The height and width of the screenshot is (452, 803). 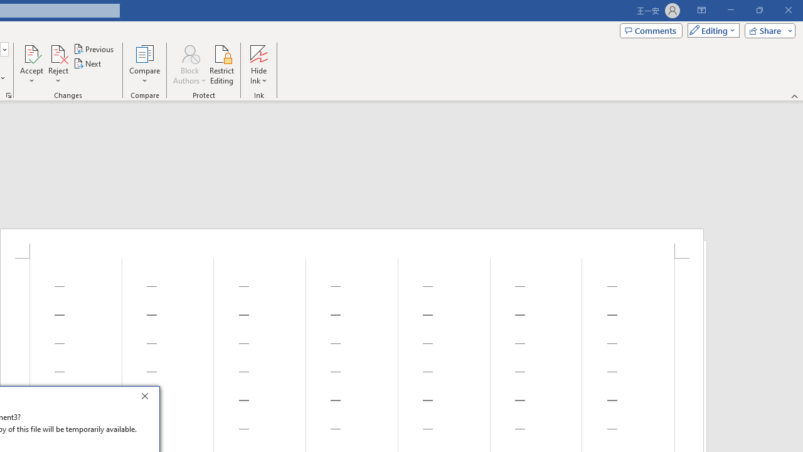 I want to click on 'Next', so click(x=87, y=63).